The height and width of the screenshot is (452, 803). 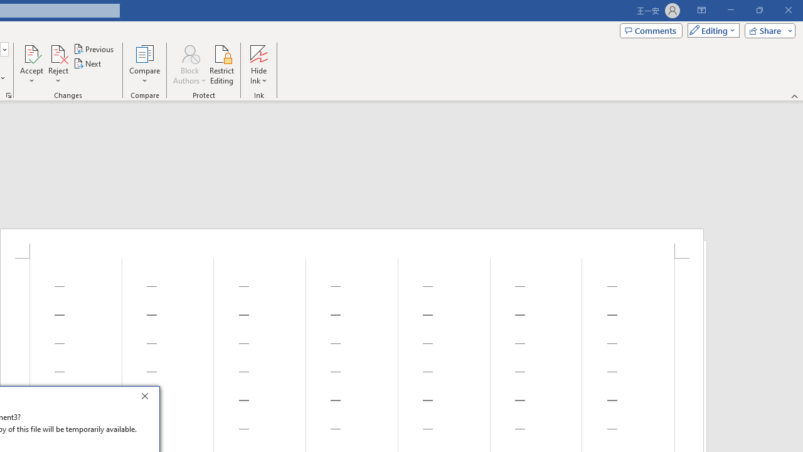 I want to click on 'Next', so click(x=87, y=63).